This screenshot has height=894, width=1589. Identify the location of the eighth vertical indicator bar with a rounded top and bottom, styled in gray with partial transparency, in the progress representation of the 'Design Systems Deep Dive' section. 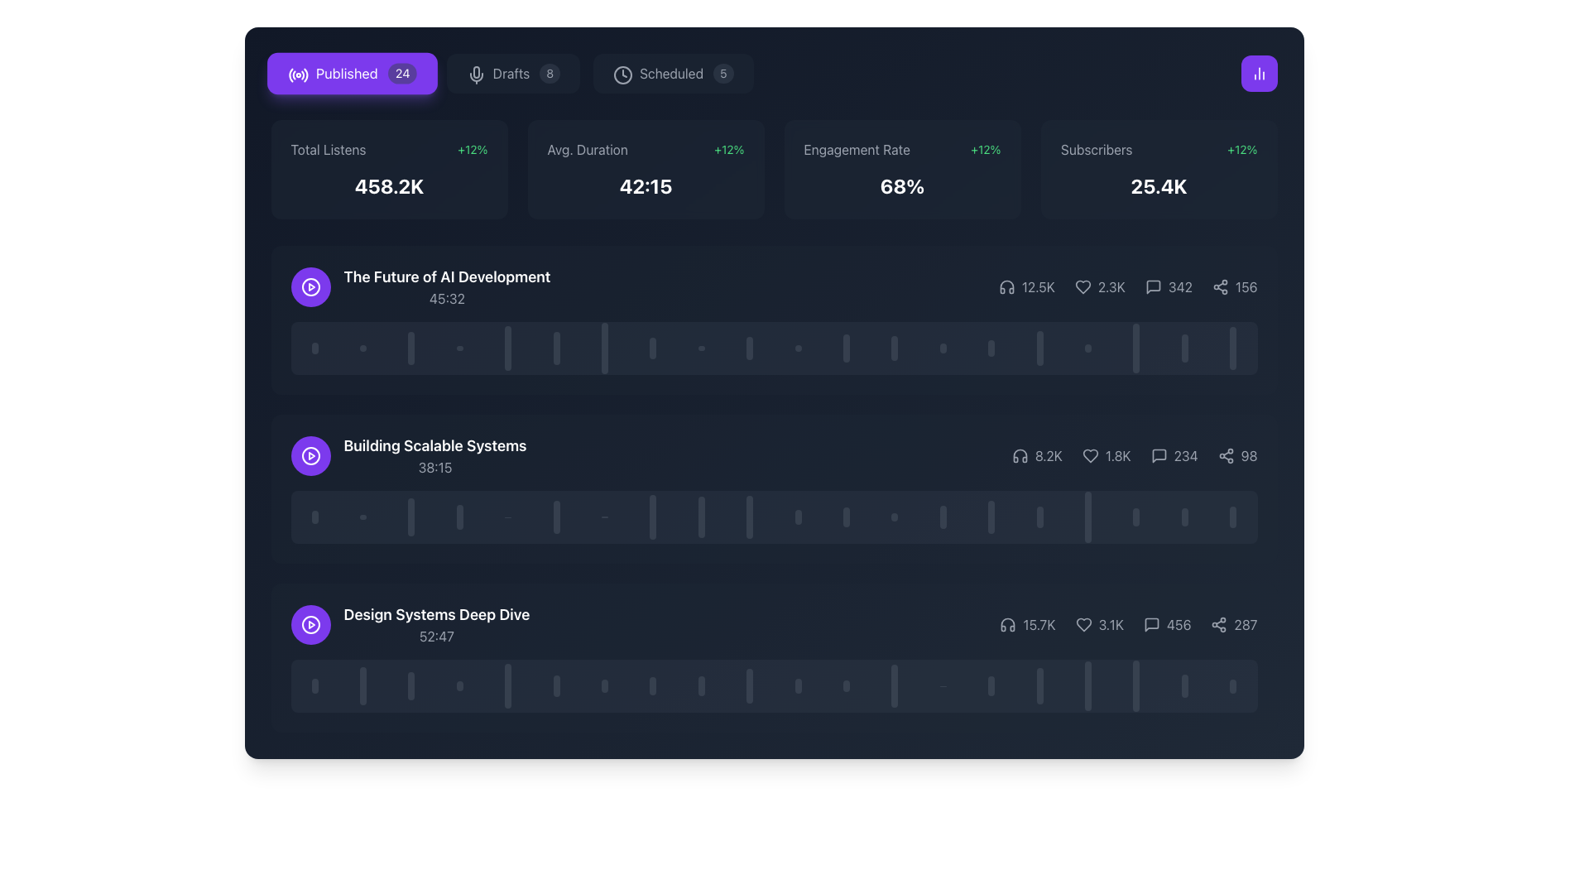
(652, 686).